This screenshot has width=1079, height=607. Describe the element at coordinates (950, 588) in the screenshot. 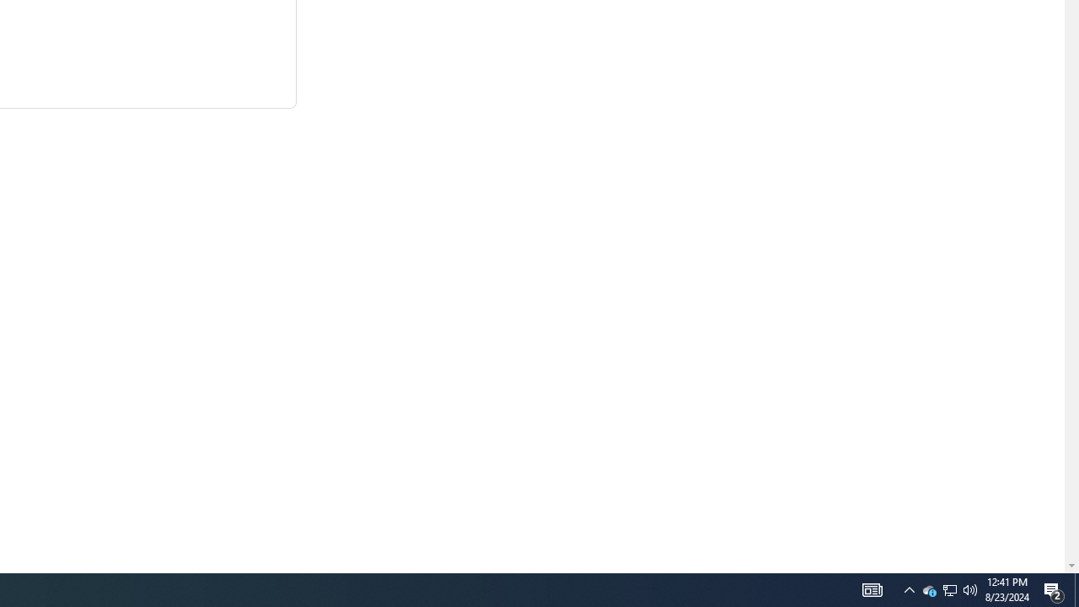

I see `'User Promoted Notification Area'` at that location.